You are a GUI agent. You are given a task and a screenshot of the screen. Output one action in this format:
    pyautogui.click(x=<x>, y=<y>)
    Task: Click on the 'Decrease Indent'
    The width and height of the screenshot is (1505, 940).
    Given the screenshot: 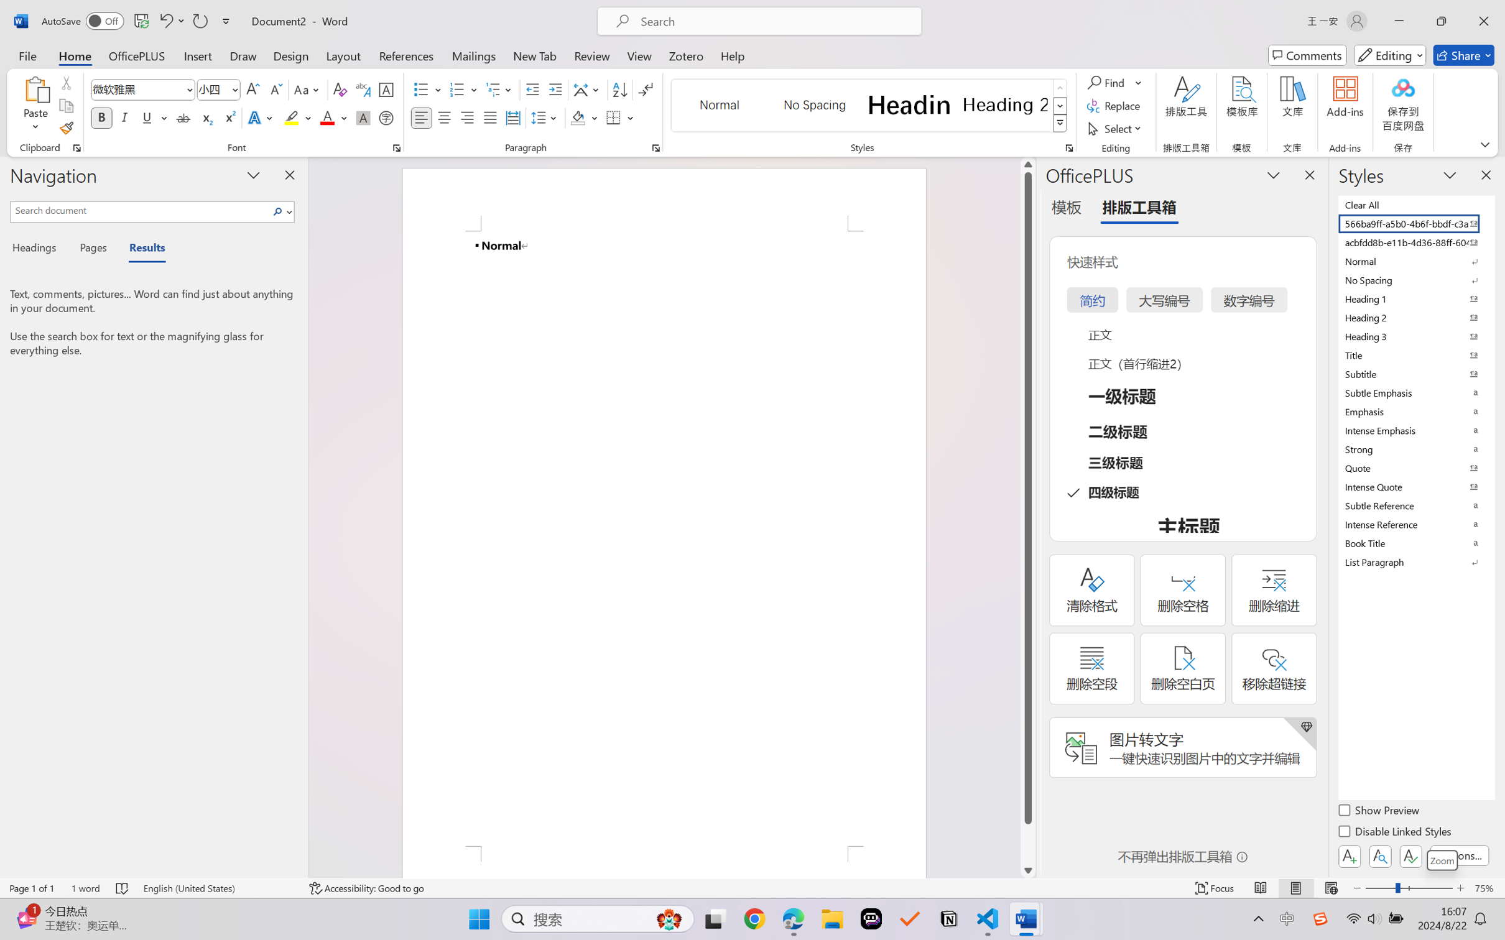 What is the action you would take?
    pyautogui.click(x=532, y=90)
    